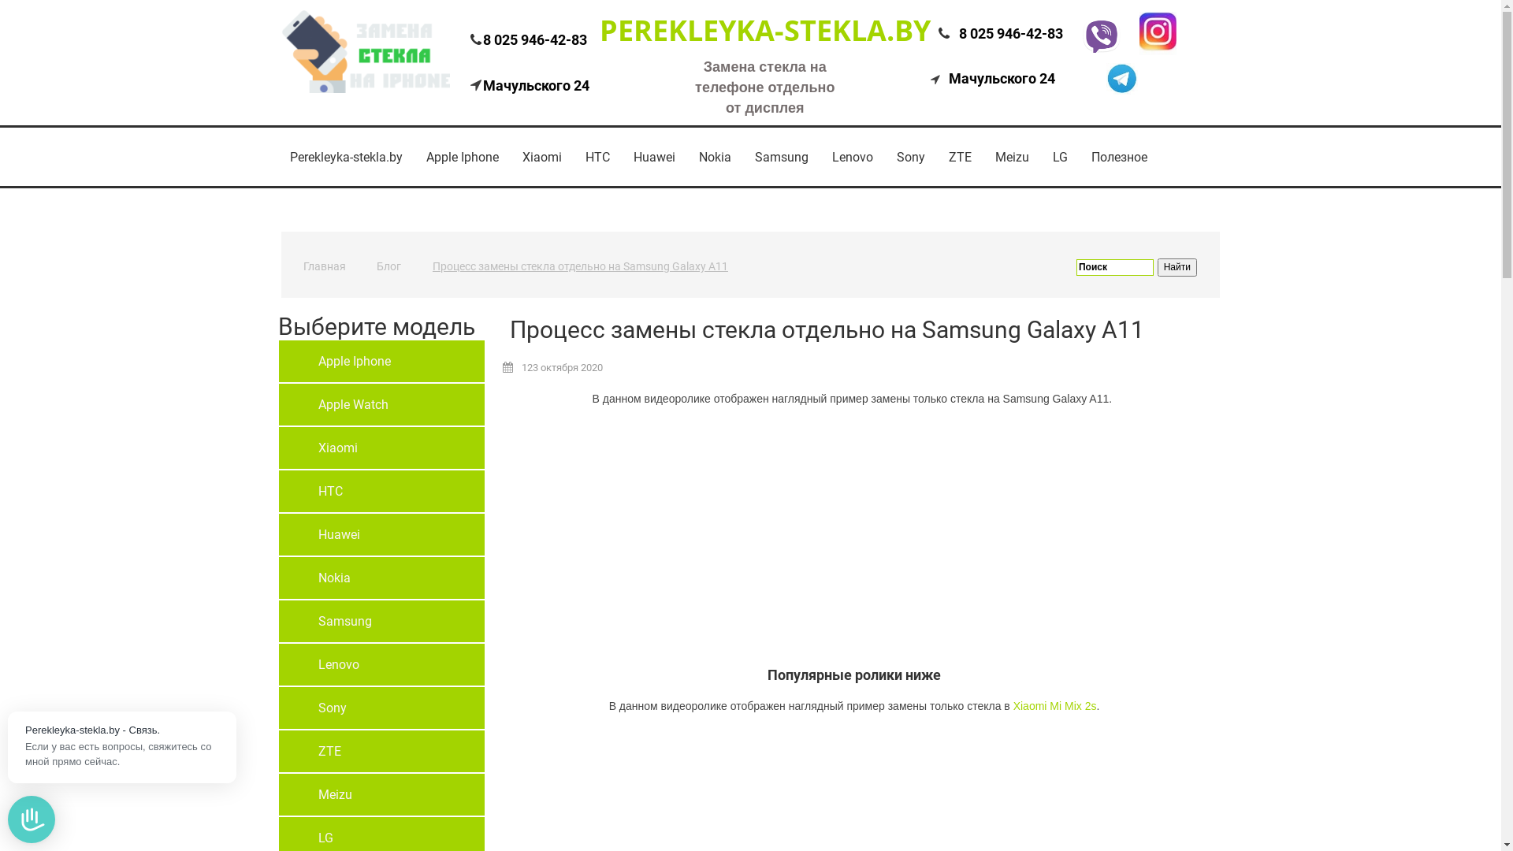 The height and width of the screenshot is (851, 1513). I want to click on 'Samsung', so click(780, 158).